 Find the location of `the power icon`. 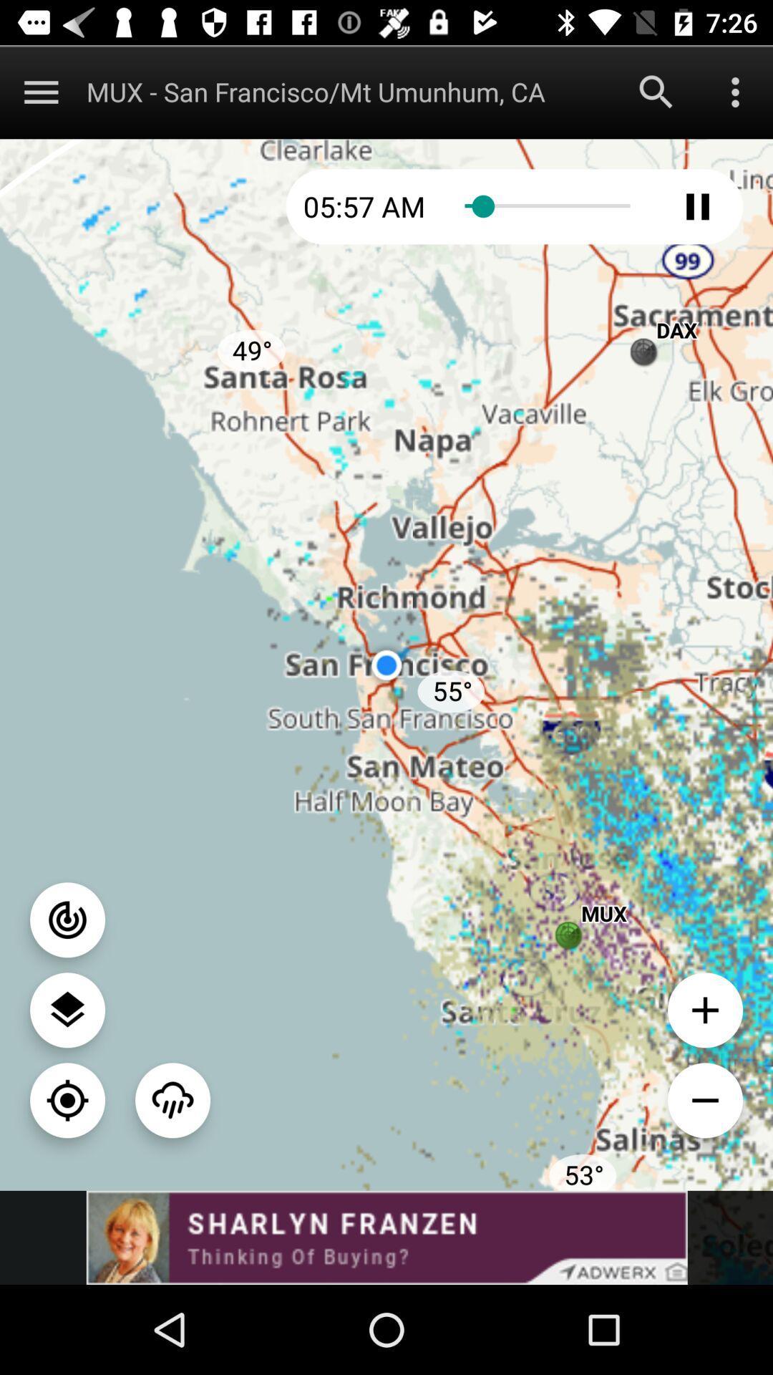

the power icon is located at coordinates (67, 920).